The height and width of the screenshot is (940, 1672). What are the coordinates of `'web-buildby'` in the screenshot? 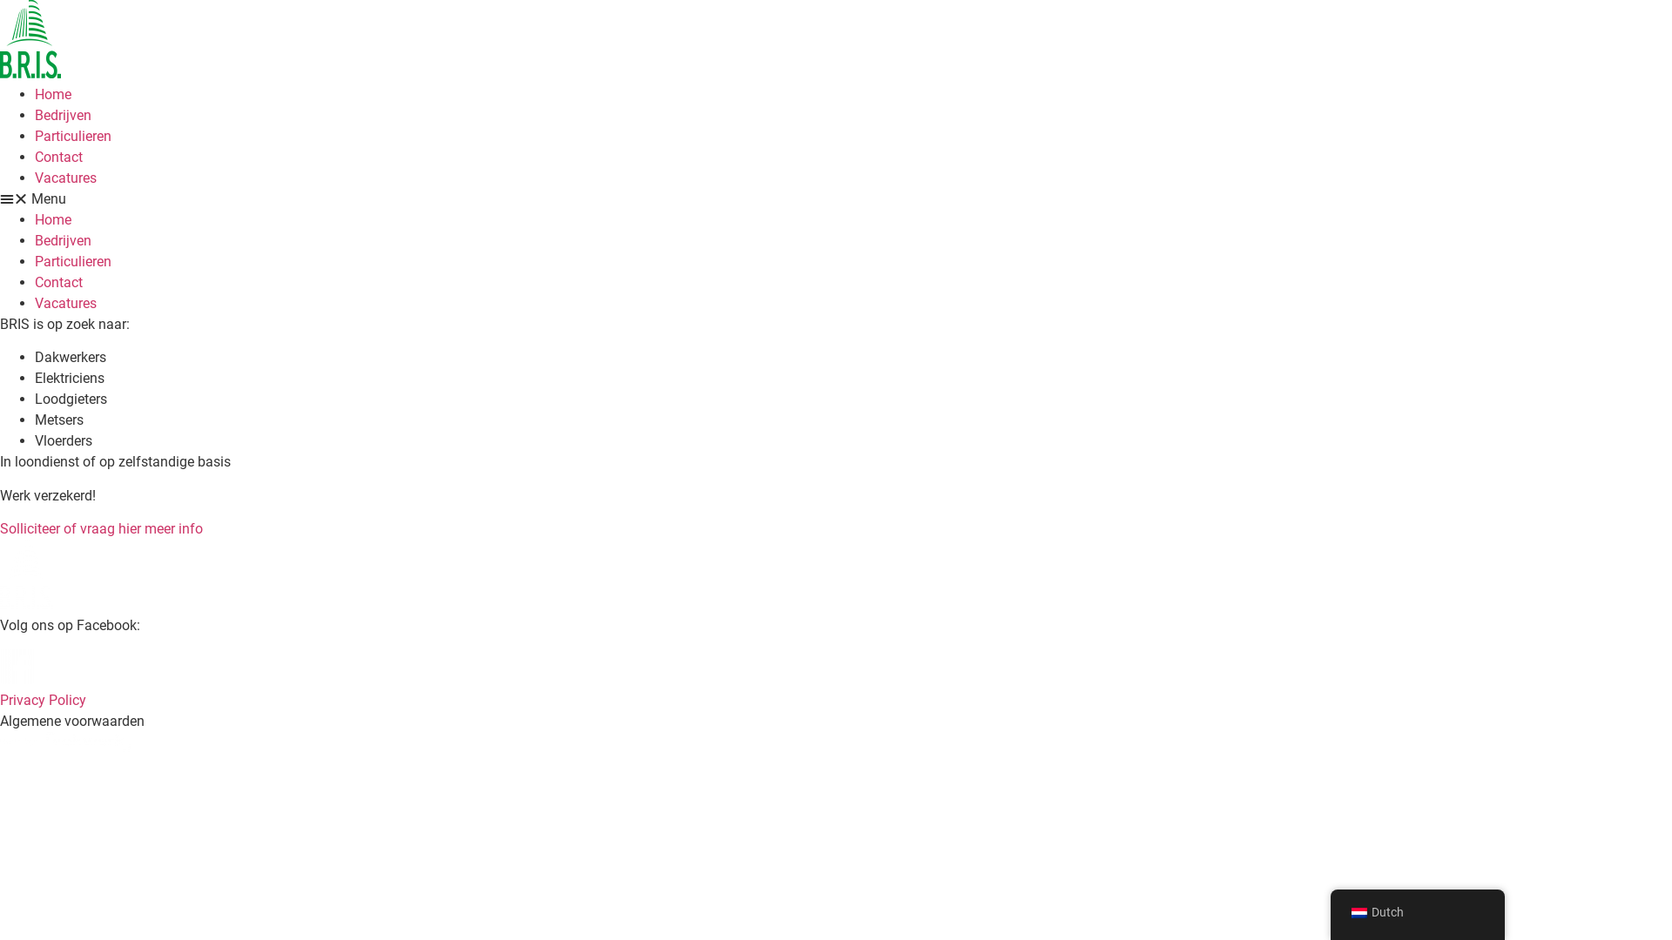 It's located at (65, 742).